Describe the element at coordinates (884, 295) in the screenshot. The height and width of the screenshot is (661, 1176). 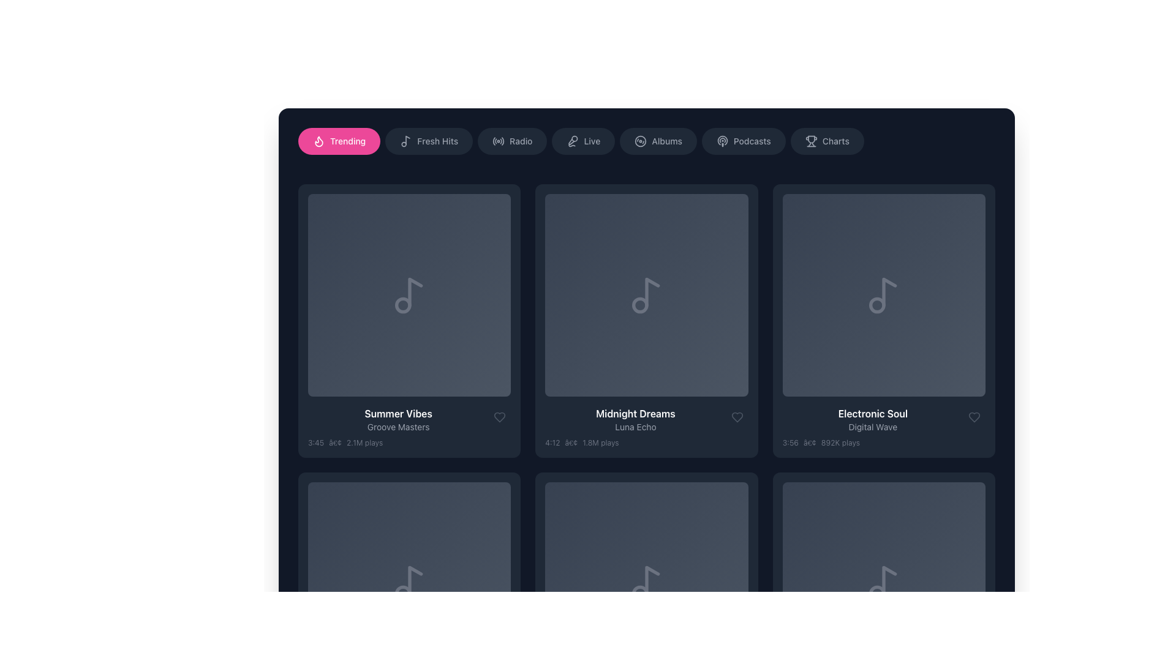
I see `the decorative icon representing the 'Electronic Soul' music playlist, located in the upper-right section of the interface, centered within its card tile` at that location.